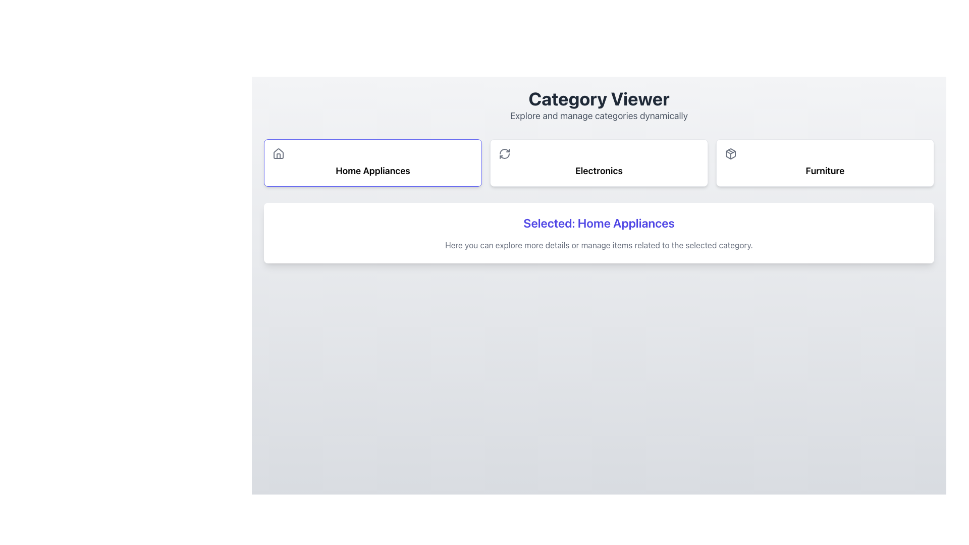  What do you see at coordinates (372, 171) in the screenshot?
I see `displayed text of the Static Text Component labeled 'Home Appliances', located at the center of the card in the top left corner of the interface` at bounding box center [372, 171].